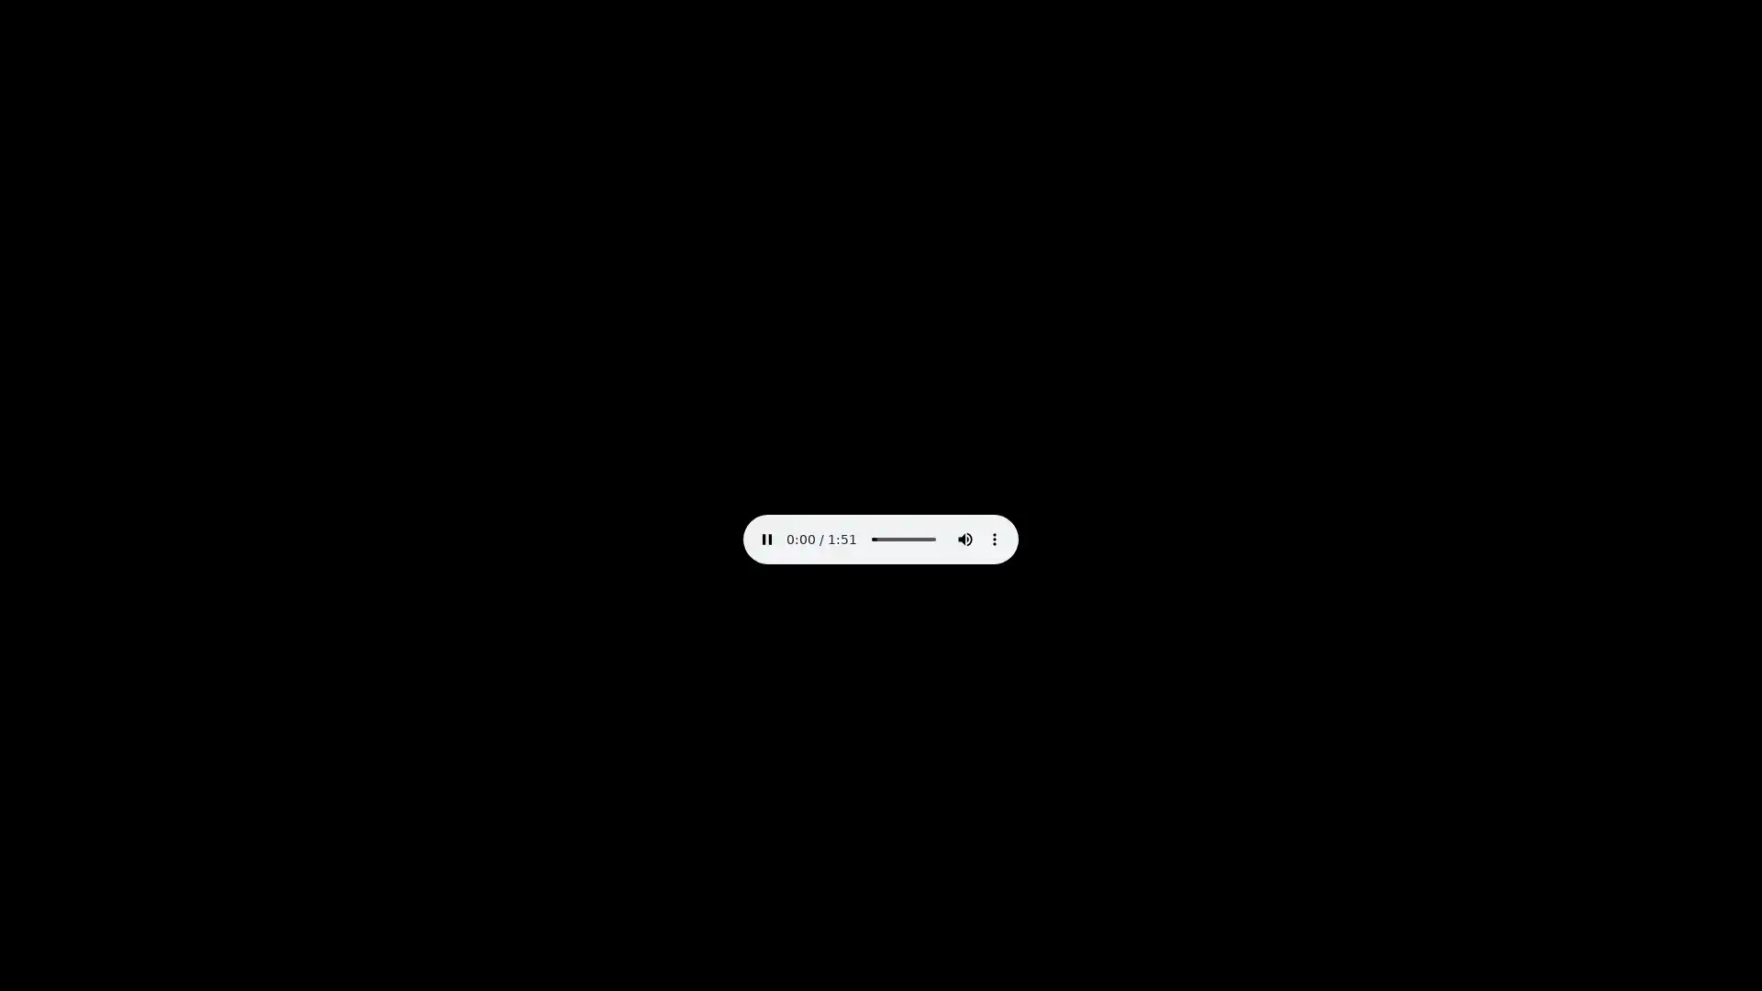  Describe the element at coordinates (994, 538) in the screenshot. I see `show more media controls` at that location.